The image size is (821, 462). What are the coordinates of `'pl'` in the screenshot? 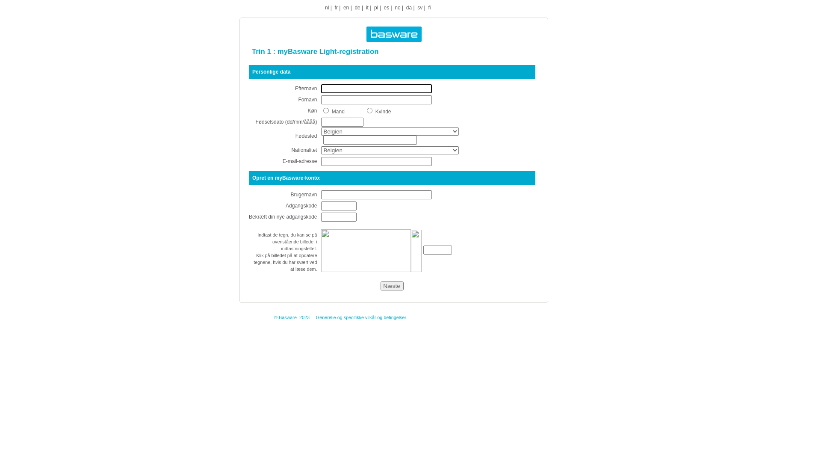 It's located at (376, 8).